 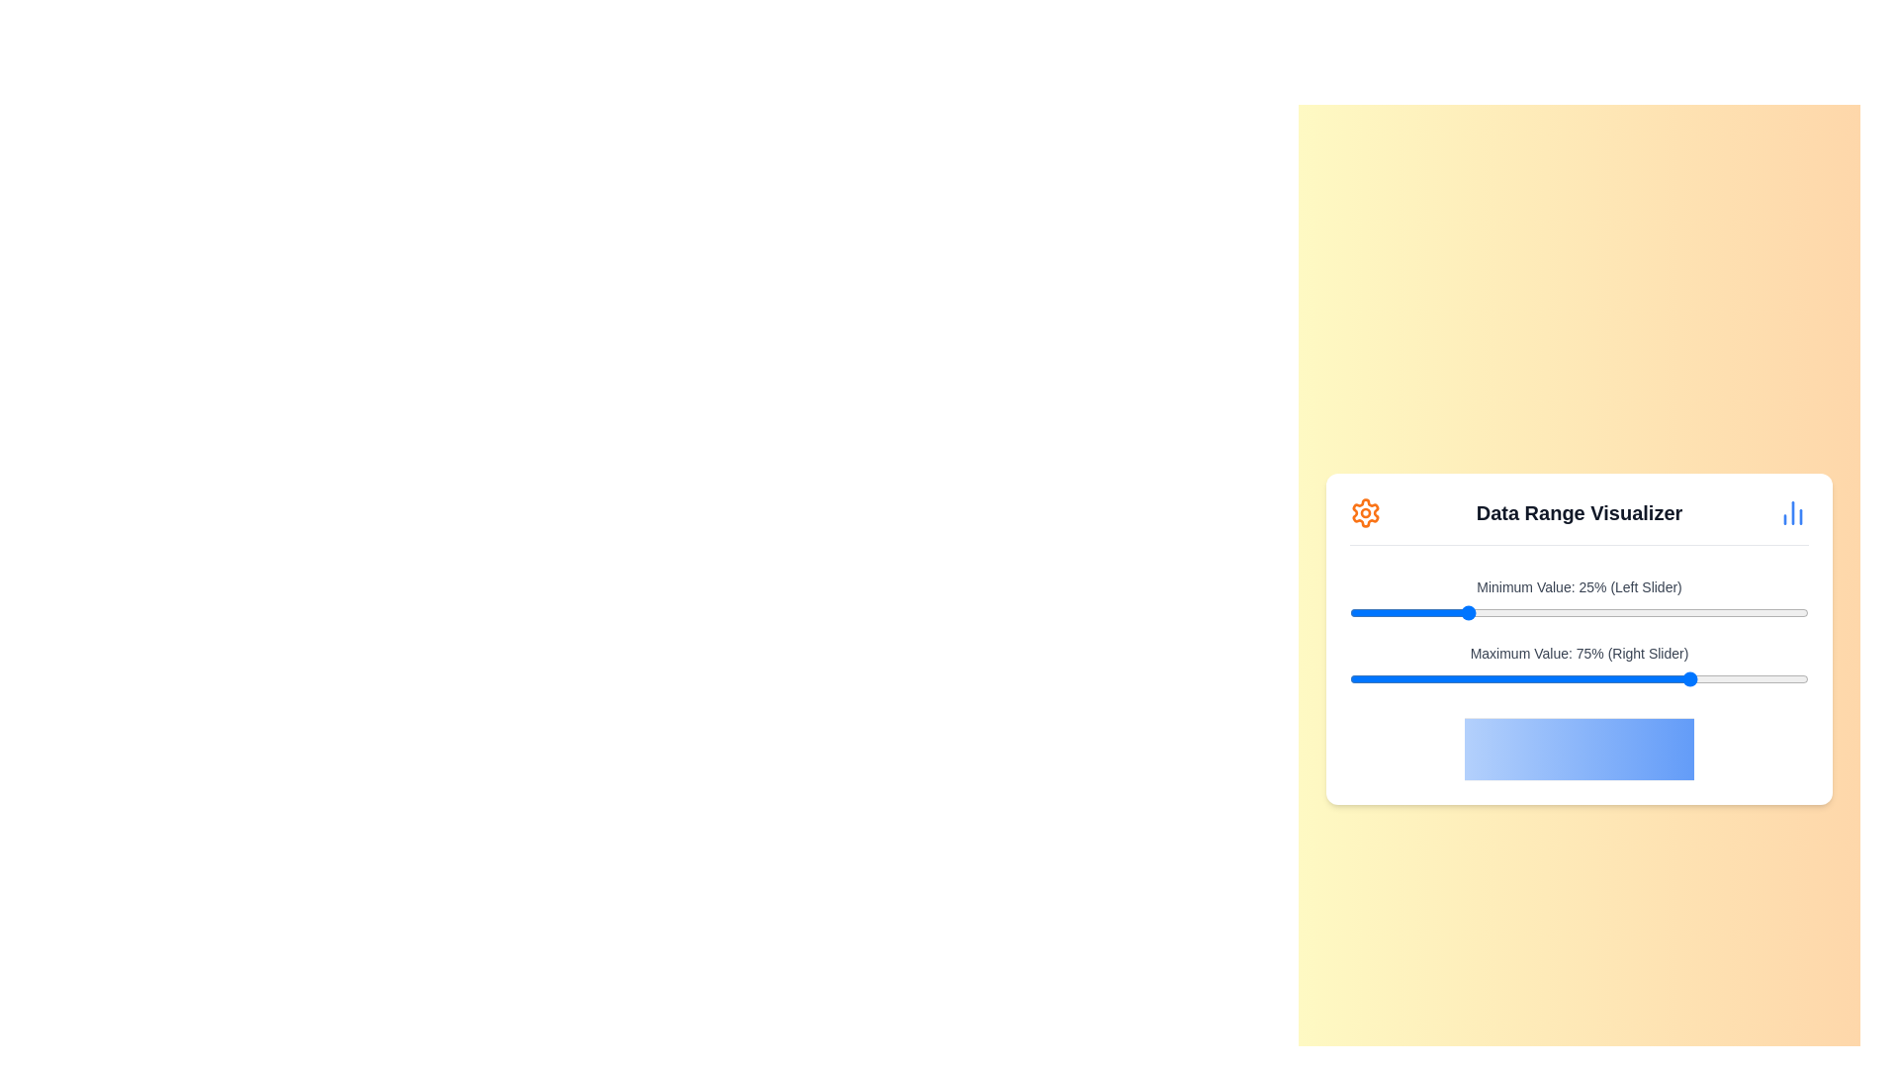 I want to click on the left slider, so click(x=1785, y=611).